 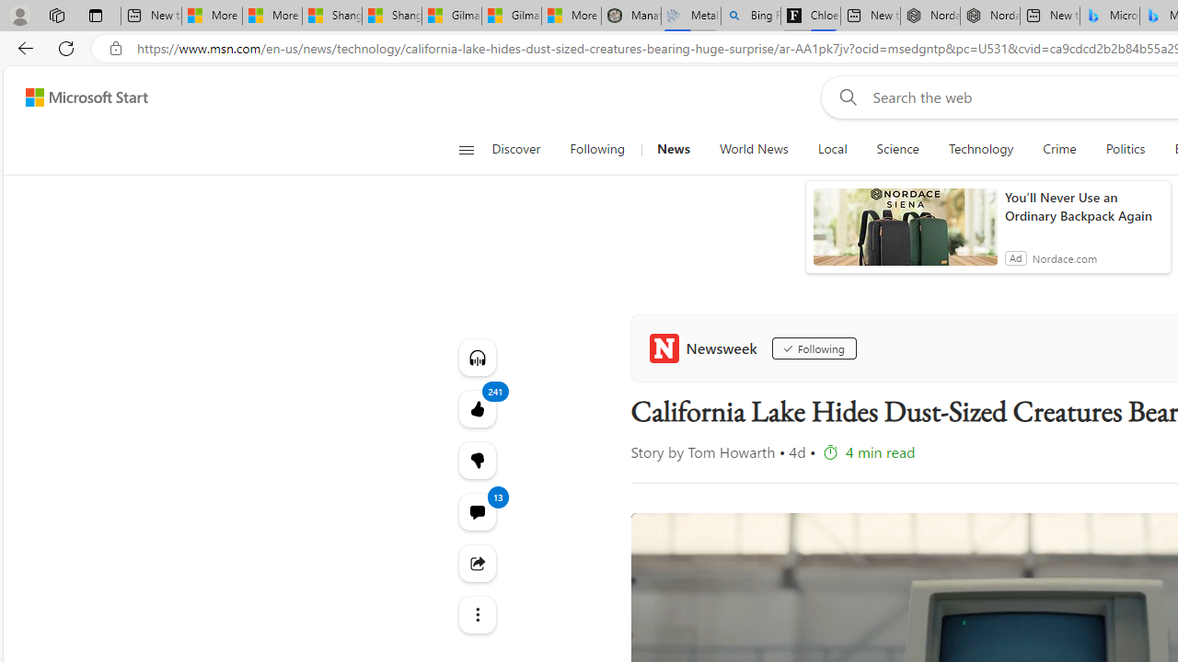 What do you see at coordinates (477, 357) in the screenshot?
I see `'Listen to this article'` at bounding box center [477, 357].